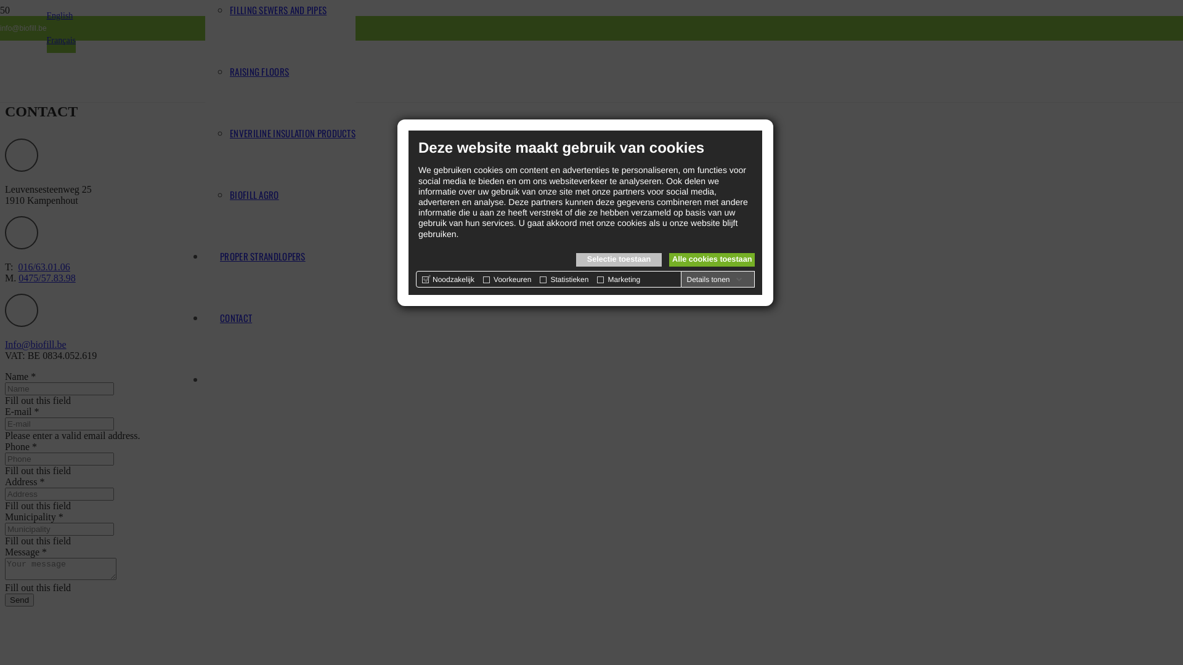 The height and width of the screenshot is (665, 1183). What do you see at coordinates (619, 259) in the screenshot?
I see `'Selectie toestaan'` at bounding box center [619, 259].